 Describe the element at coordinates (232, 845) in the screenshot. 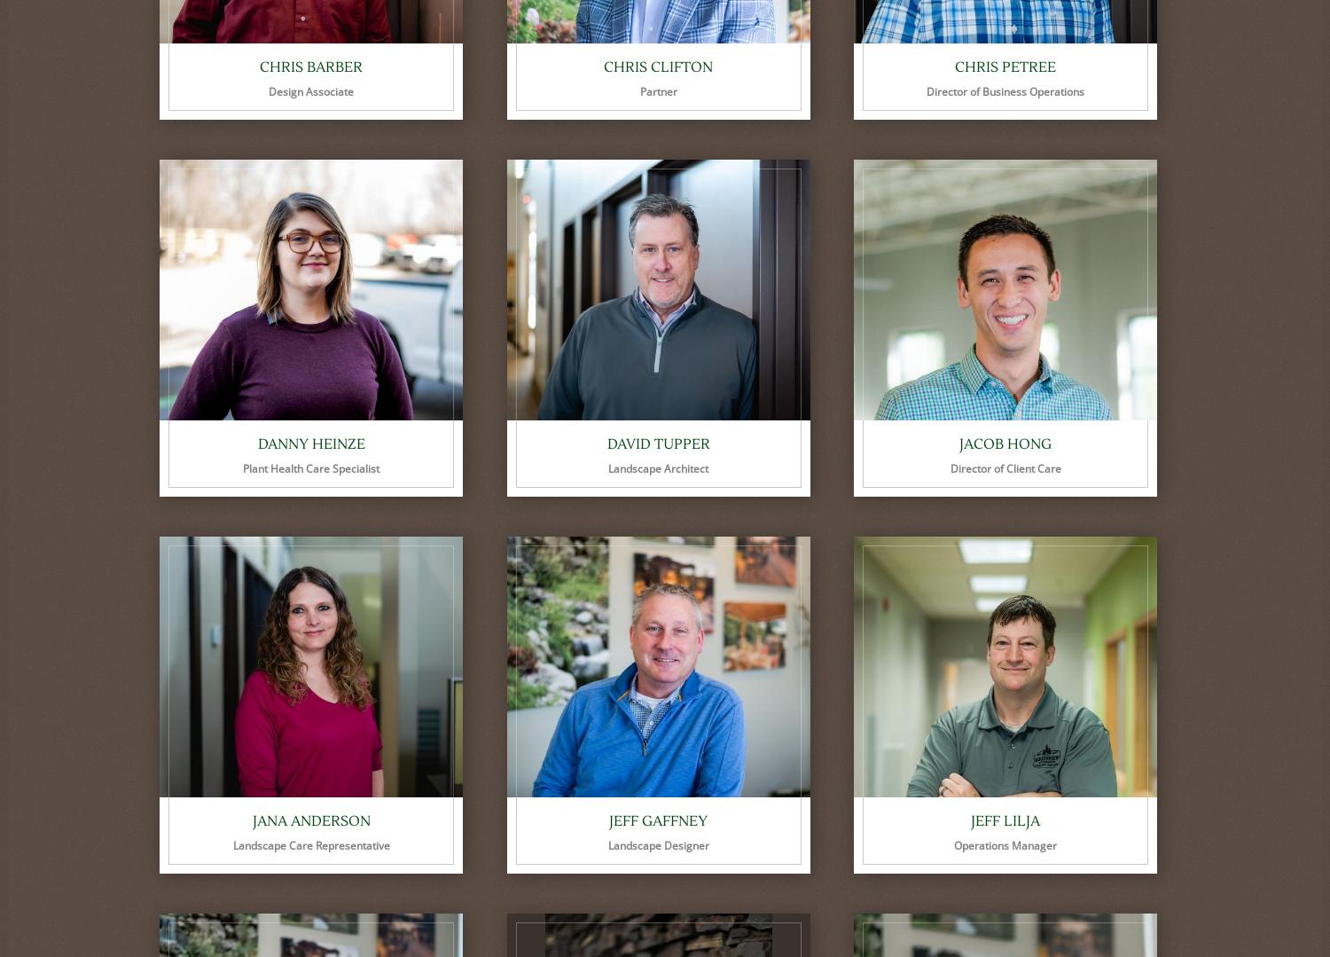

I see `'Landscape Care Representative'` at that location.